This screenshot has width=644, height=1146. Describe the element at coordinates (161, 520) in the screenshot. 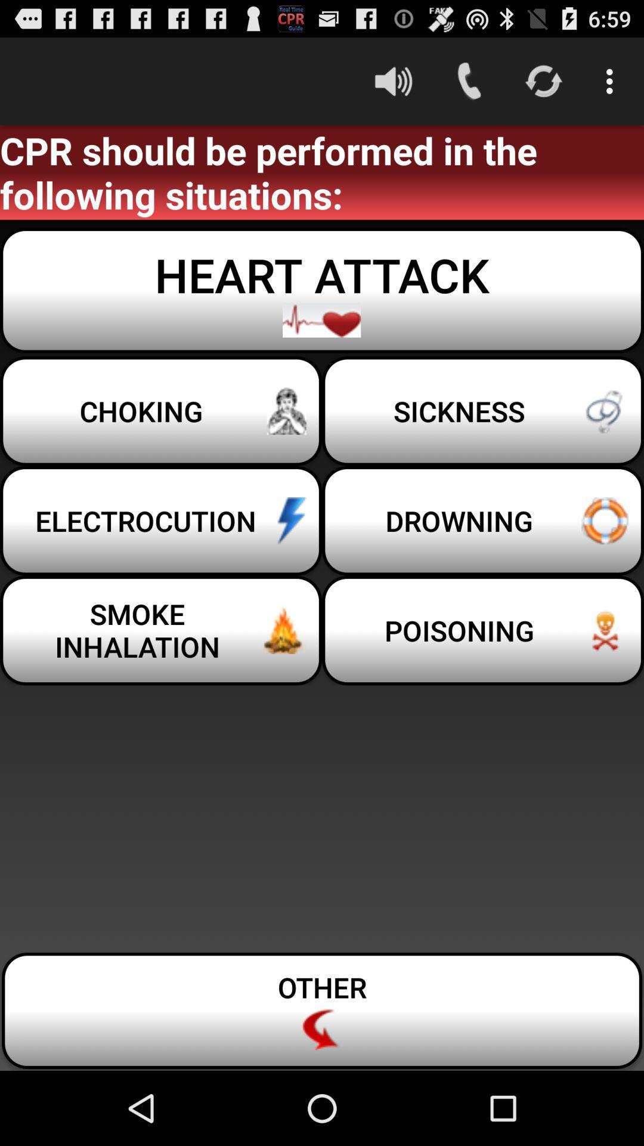

I see `item to the left of the sickness item` at that location.